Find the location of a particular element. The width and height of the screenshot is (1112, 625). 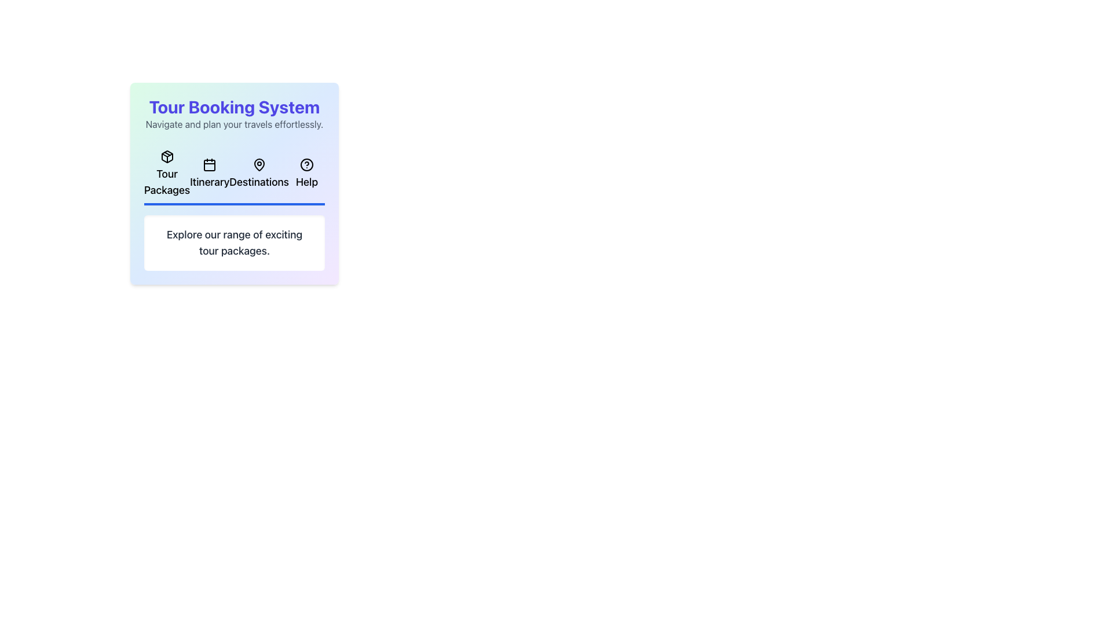

the 'Tour Packages' icon is located at coordinates (166, 156).